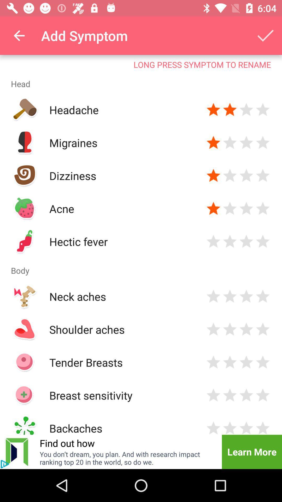  I want to click on rating option, so click(213, 241).